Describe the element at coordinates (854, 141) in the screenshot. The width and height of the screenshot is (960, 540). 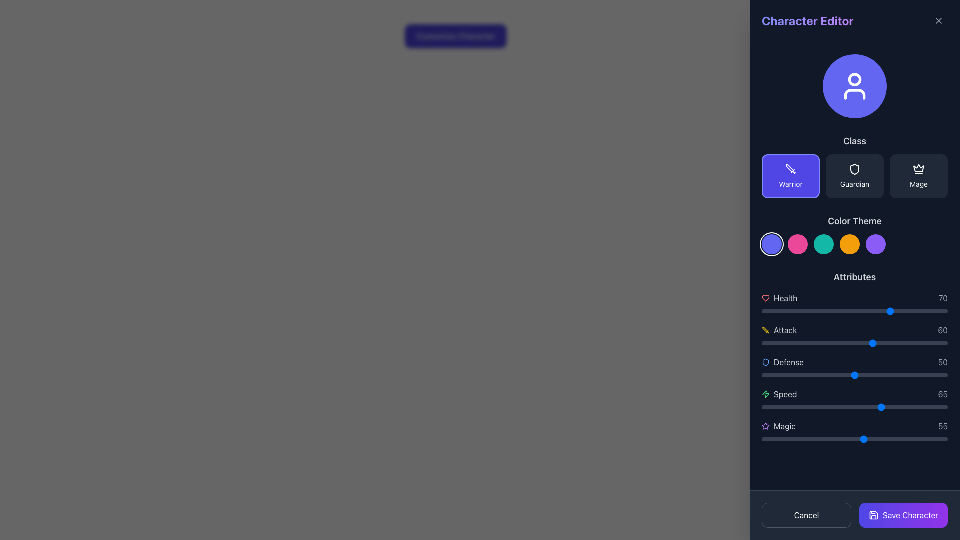
I see `the non-interactive label or header text that categorizes the section for selectable class options, located in the right-hand sidebar titled 'Character Editor'` at that location.